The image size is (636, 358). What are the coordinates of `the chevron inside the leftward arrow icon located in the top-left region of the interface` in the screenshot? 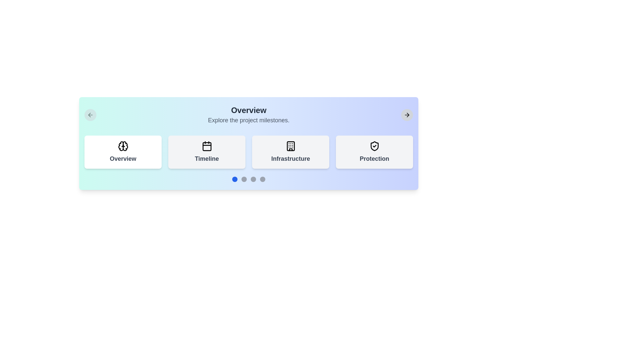 It's located at (89, 115).